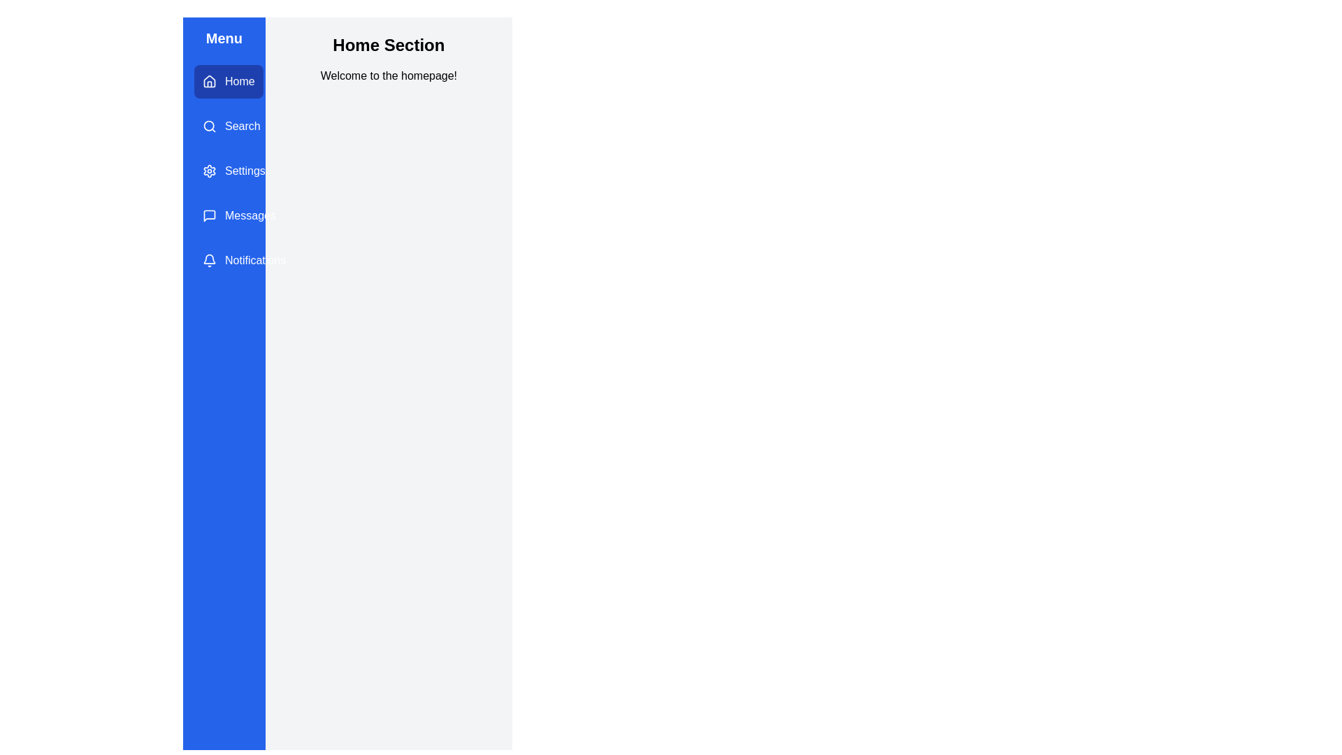  I want to click on the 'Home' icon located to the left of the text 'Home' in the navigation menu, which has a blue highlighted background, so click(208, 81).